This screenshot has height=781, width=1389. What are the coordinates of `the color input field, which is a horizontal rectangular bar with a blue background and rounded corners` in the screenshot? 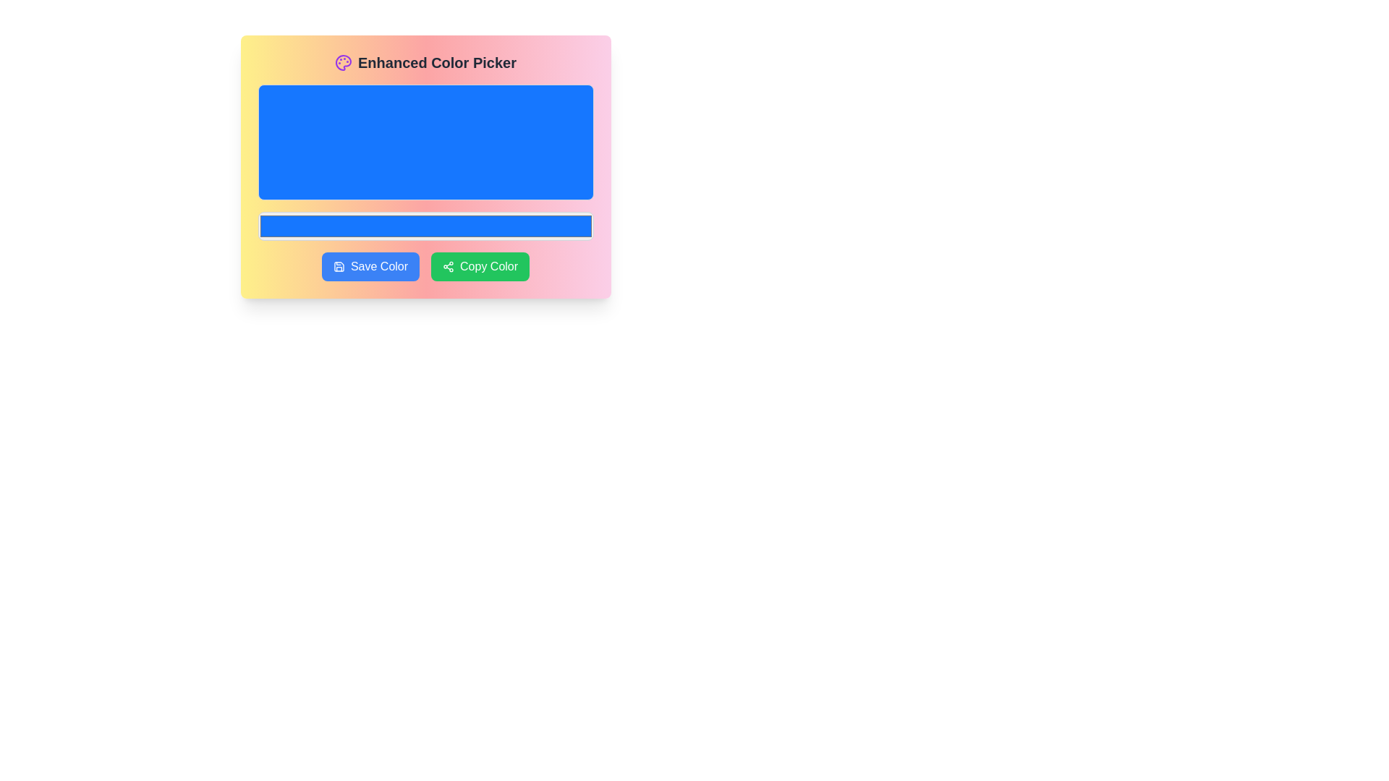 It's located at (425, 226).